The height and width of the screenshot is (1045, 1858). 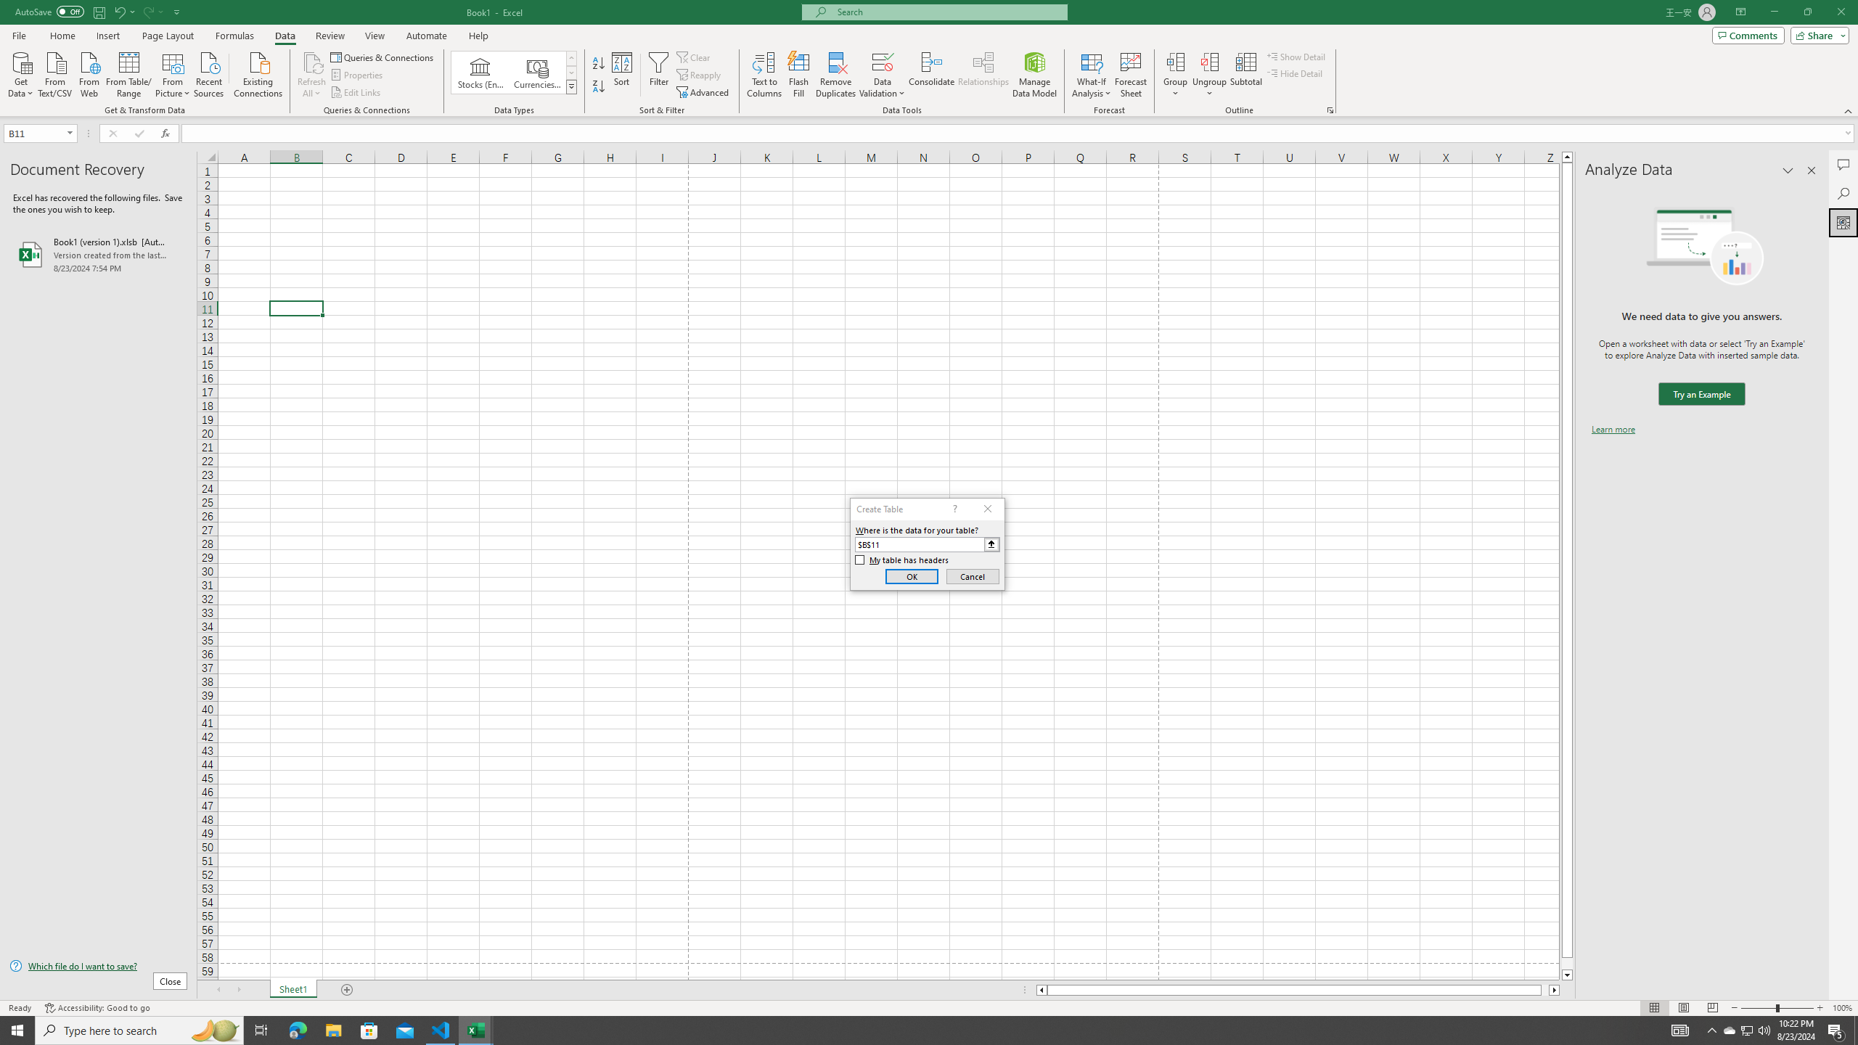 I want to click on 'Analyze Data', so click(x=1843, y=222).